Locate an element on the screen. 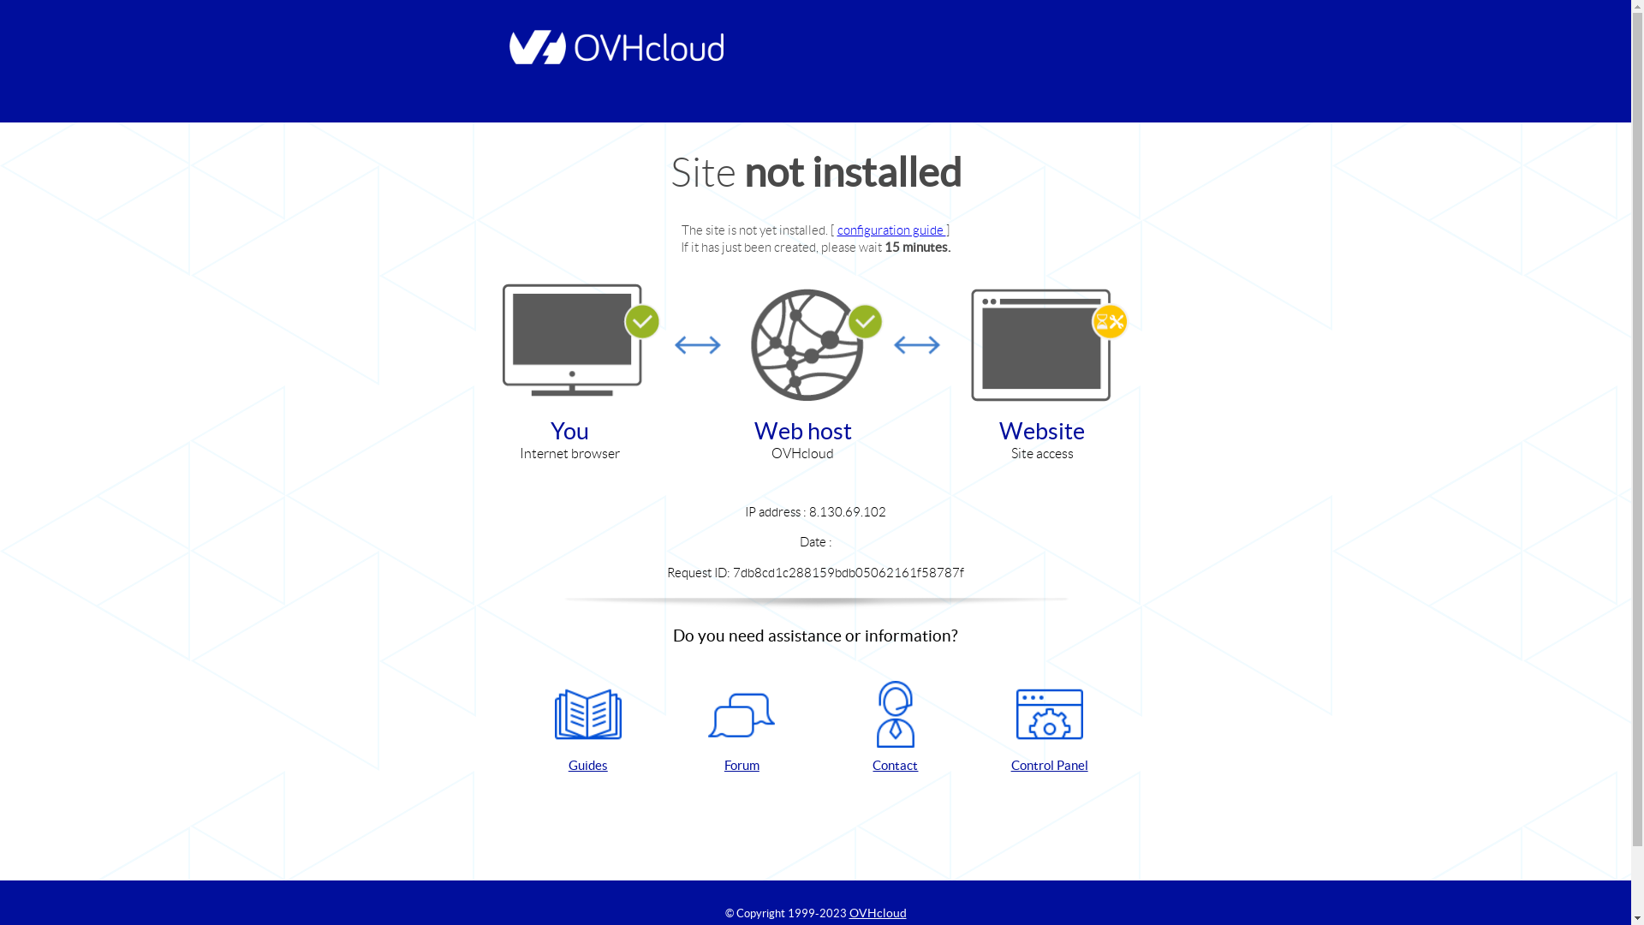 This screenshot has width=1644, height=925. 'Control Panel' is located at coordinates (1048, 727).